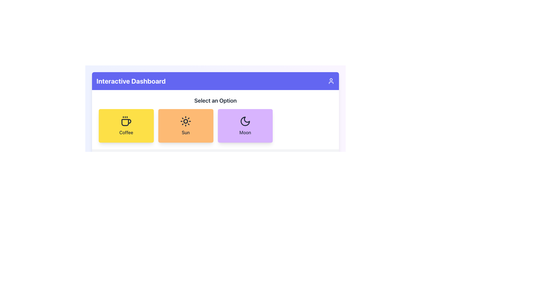  Describe the element at coordinates (331, 81) in the screenshot. I see `the SVG Icon located in the far right corner of the header section next to 'Interactive Dashboard'` at that location.